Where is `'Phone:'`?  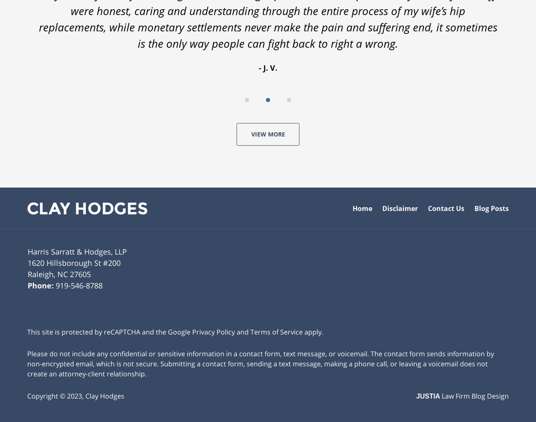 'Phone:' is located at coordinates (41, 283).